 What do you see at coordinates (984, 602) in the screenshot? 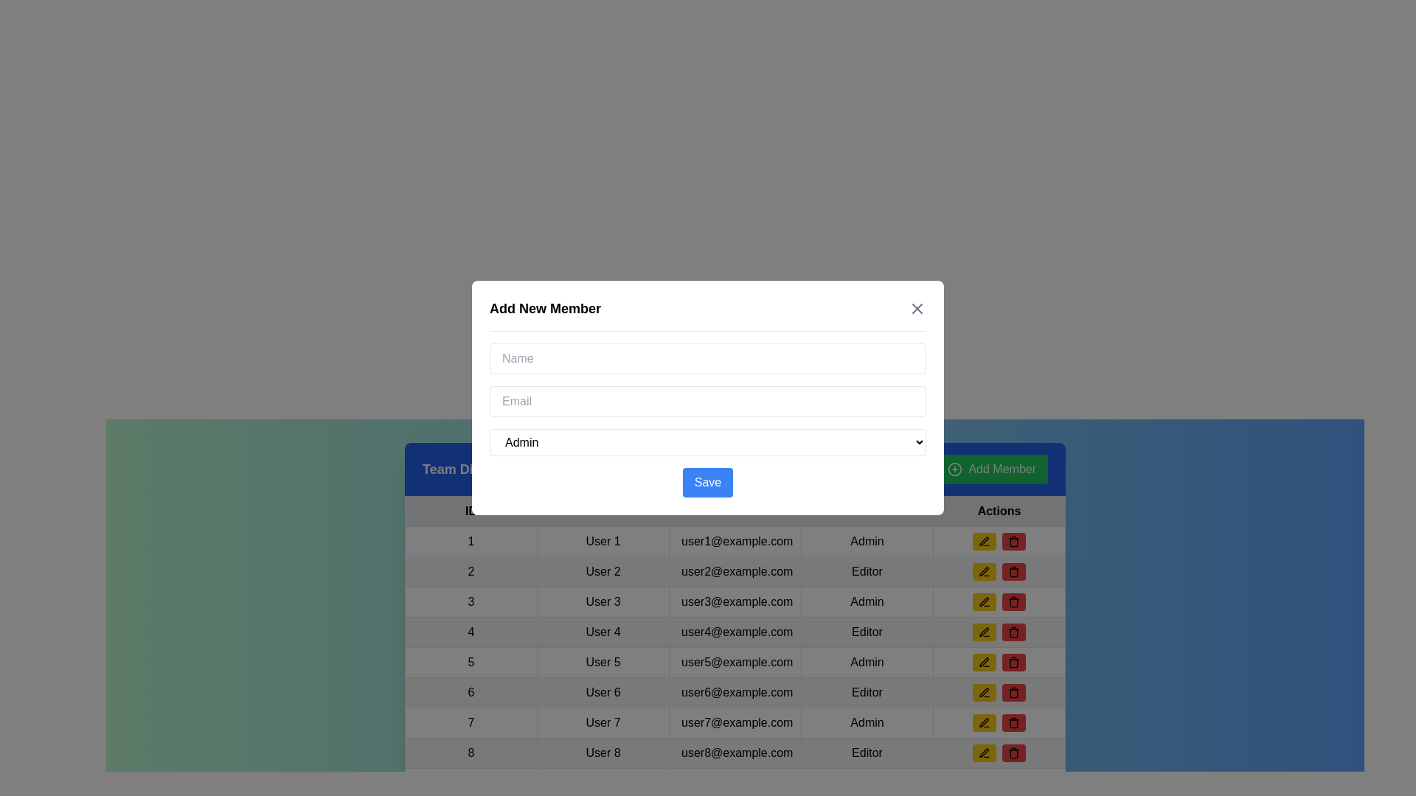
I see `the edit action icon located in the 'Actions' column of the eighth row in the 'Team Details' table` at bounding box center [984, 602].